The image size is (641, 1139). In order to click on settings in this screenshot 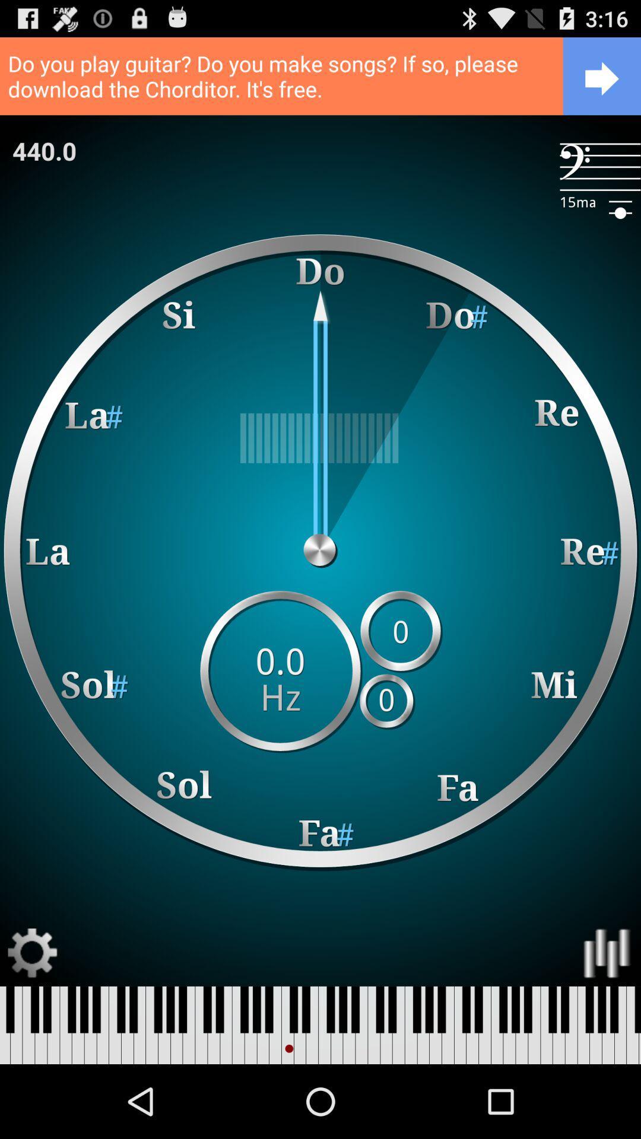, I will do `click(32, 953)`.